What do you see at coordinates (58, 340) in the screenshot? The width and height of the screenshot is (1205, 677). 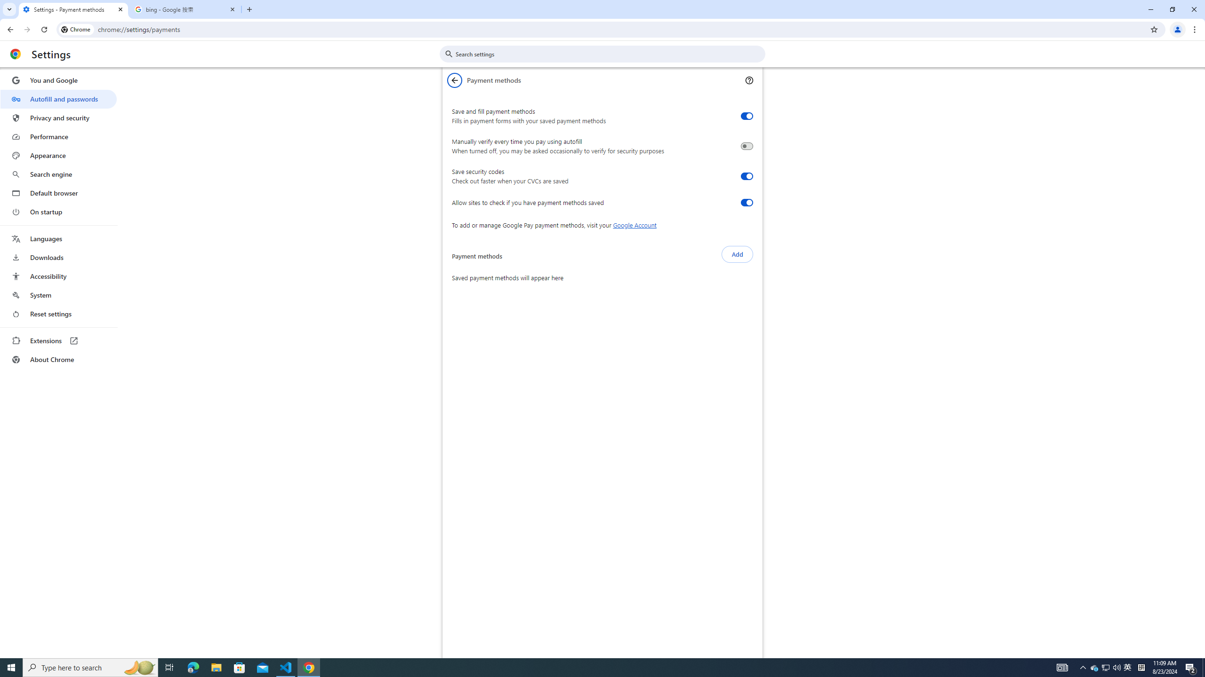 I see `'Extensions'` at bounding box center [58, 340].